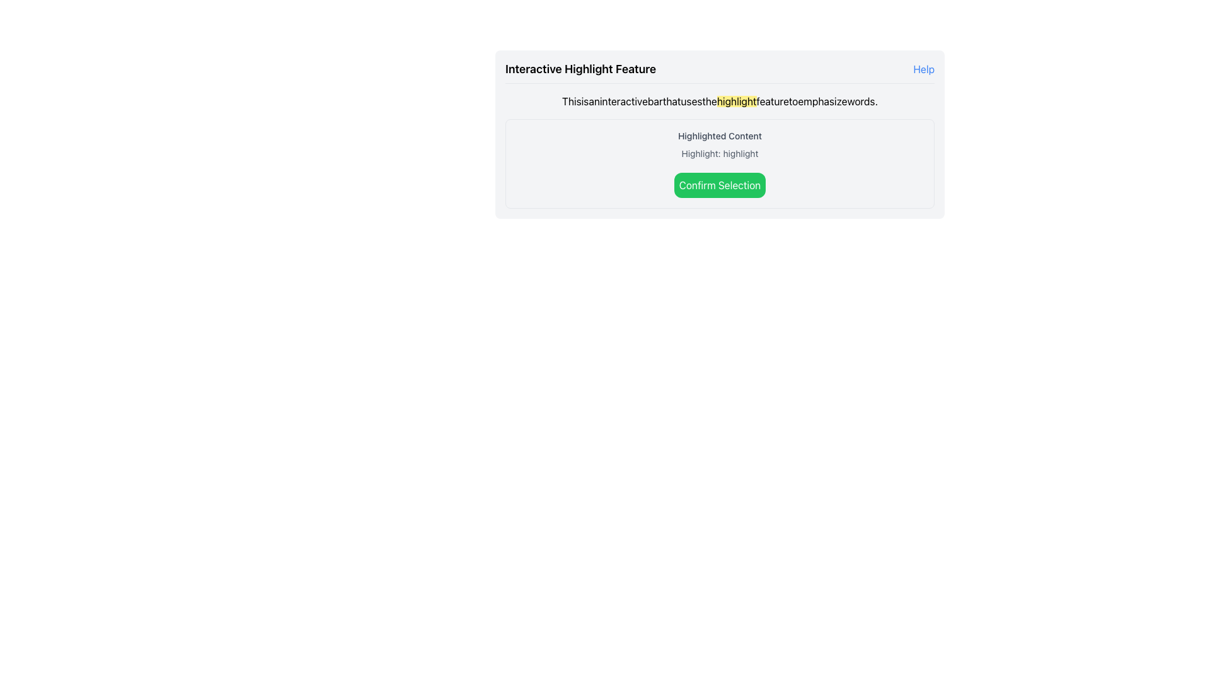 This screenshot has height=681, width=1210. Describe the element at coordinates (584, 101) in the screenshot. I see `on the second word in the sentence, which is located between 'This' and 'an'` at that location.